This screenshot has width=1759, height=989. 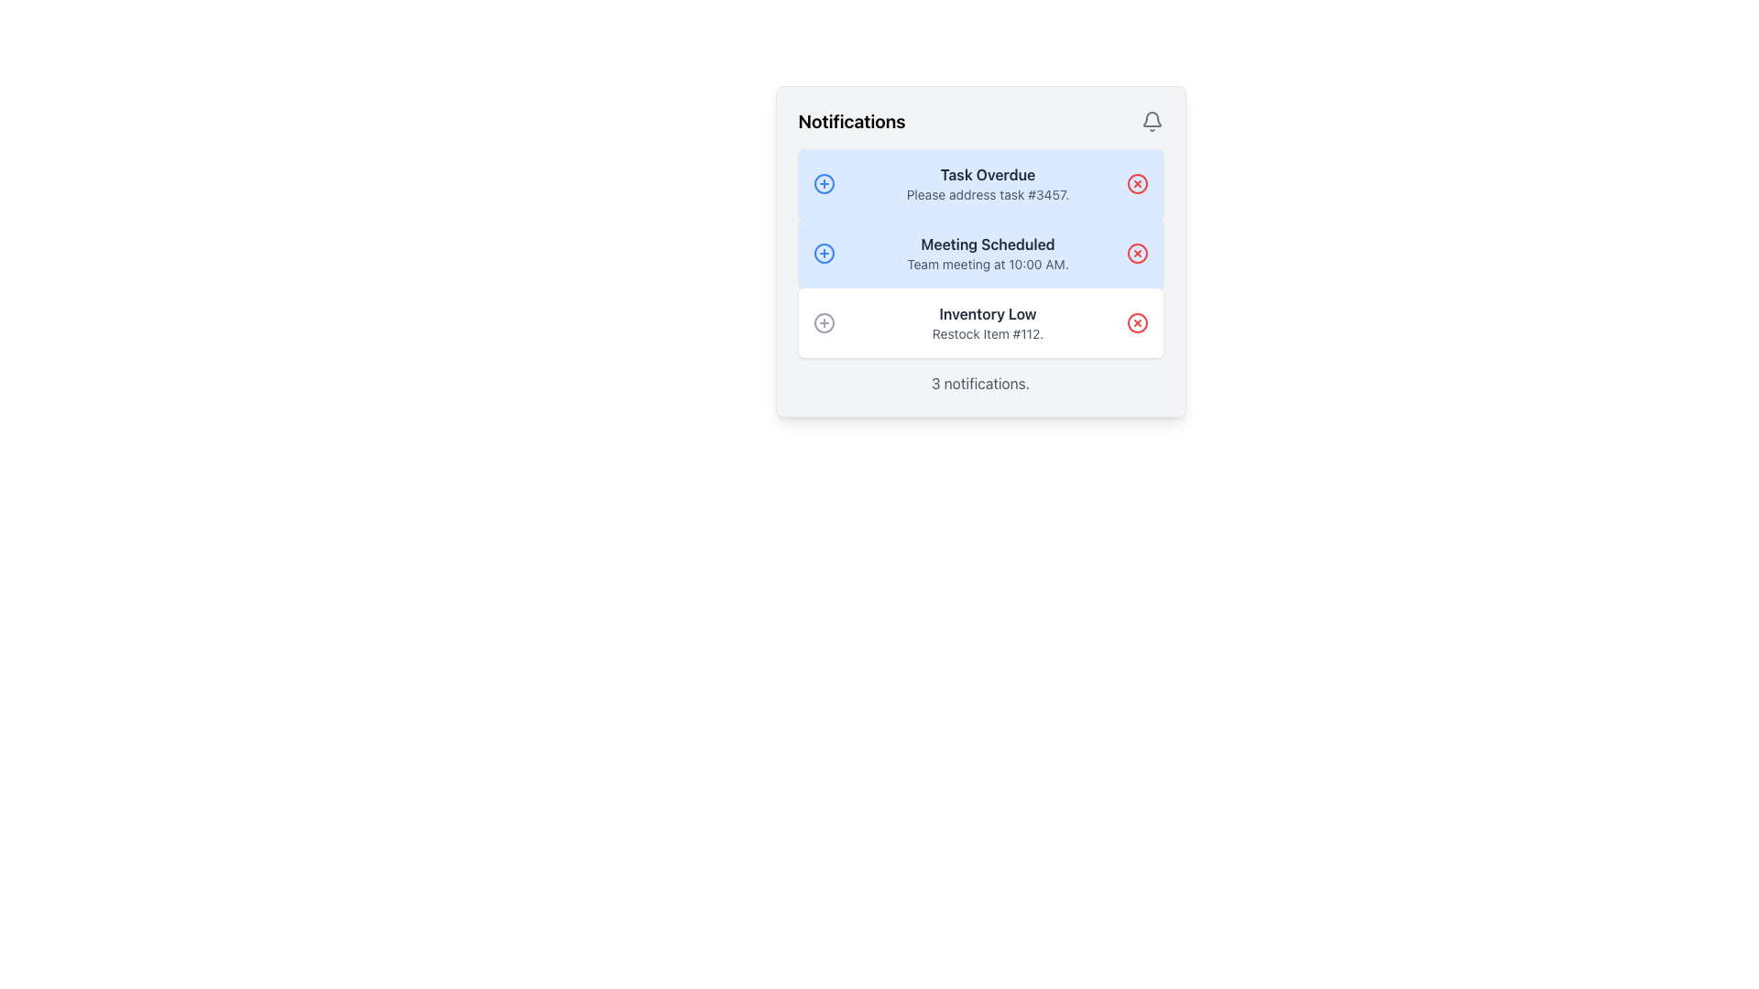 I want to click on the Text block displaying the notification 'Meeting Scheduled' with additional information 'Team meeting at 10:00 AM.' positioned in the Notifications panel, so click(x=987, y=254).